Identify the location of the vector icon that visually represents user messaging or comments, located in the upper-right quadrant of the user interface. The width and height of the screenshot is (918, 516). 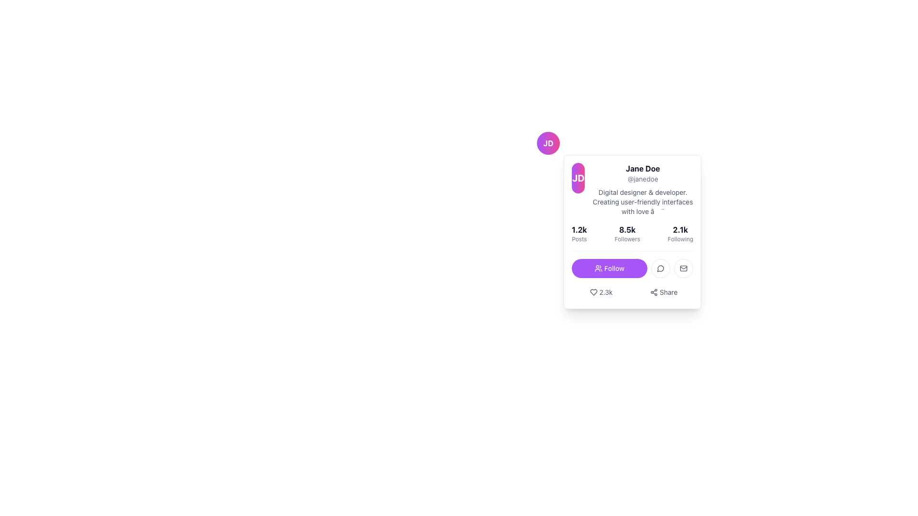
(660, 269).